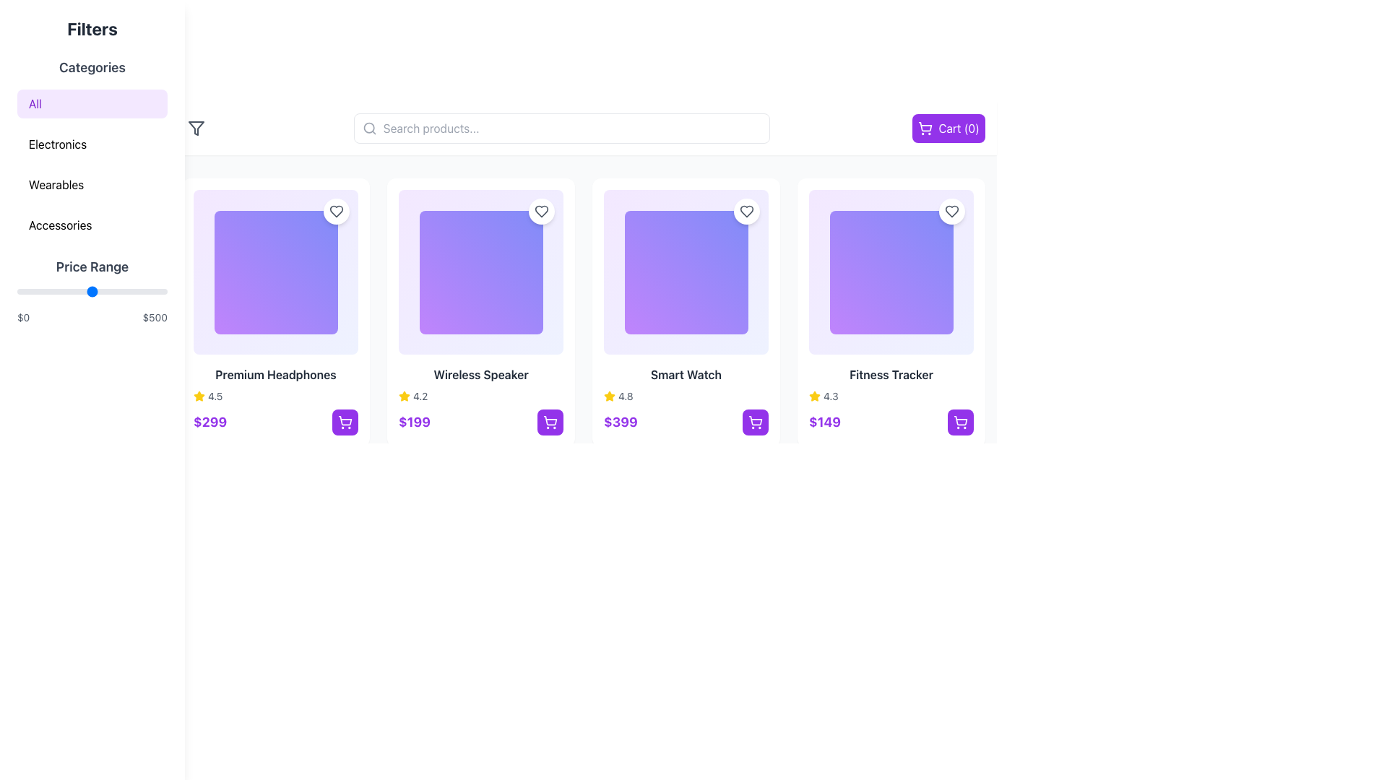 The image size is (1387, 780). What do you see at coordinates (890, 311) in the screenshot?
I see `the 'Fitness Tracker' product card located as the fourth item in the top row of the grid layout` at bounding box center [890, 311].